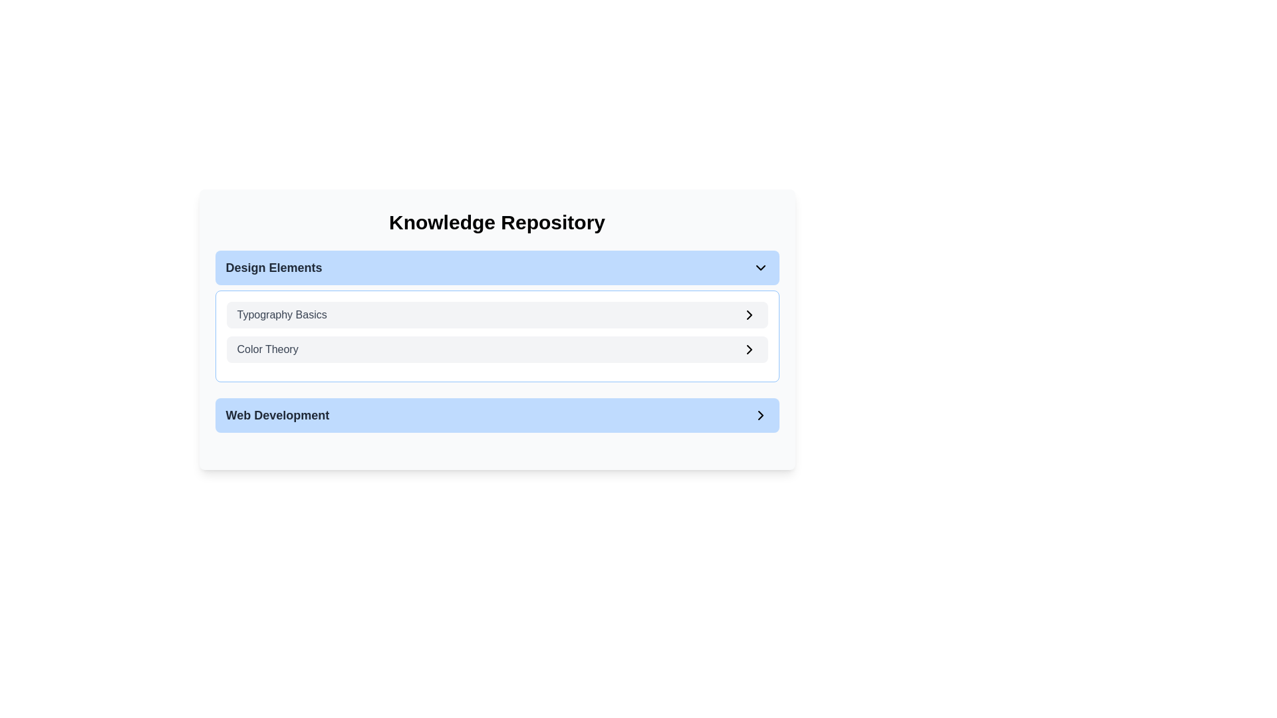 The width and height of the screenshot is (1277, 718). Describe the element at coordinates (749, 348) in the screenshot. I see `the rightward-pointing chevron icon located at the far right of the 'Color Theory' menu item` at that location.